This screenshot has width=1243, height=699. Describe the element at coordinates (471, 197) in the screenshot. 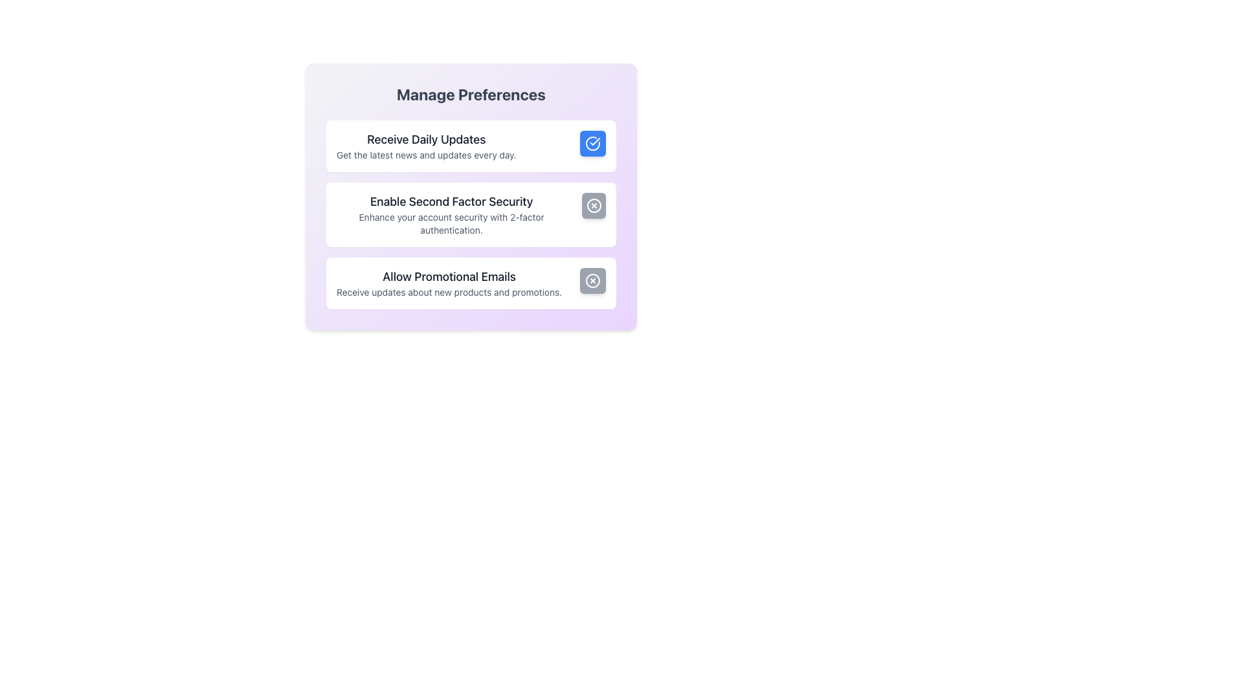

I see `the Settings panel, which allows users to manage preferences such as notifications, account security, and promotional emails` at that location.